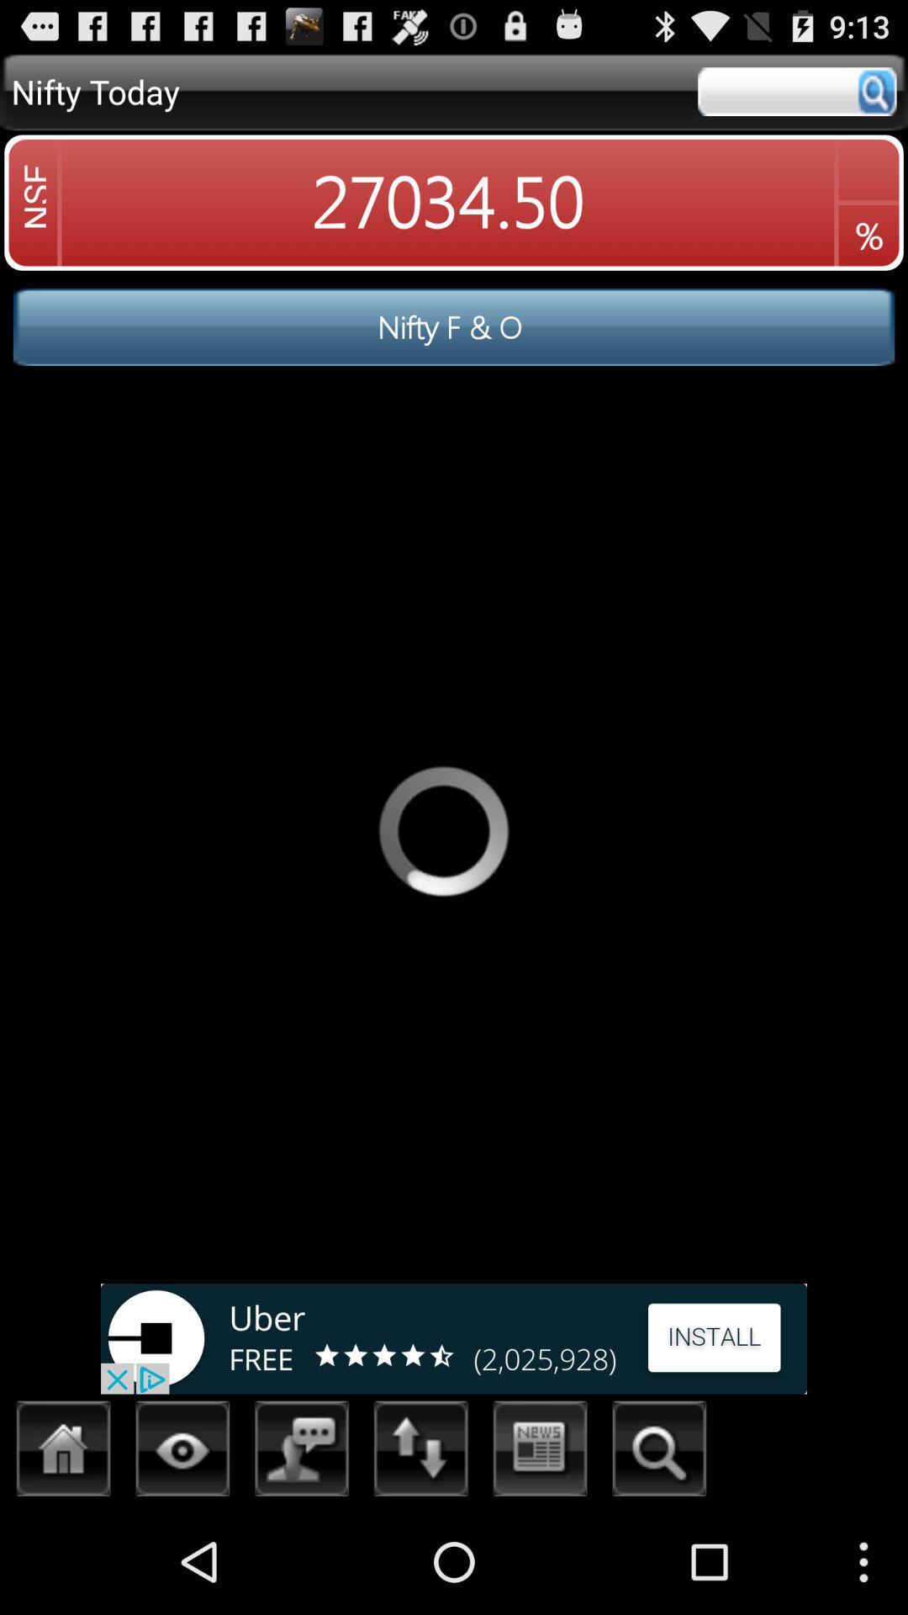 Image resolution: width=908 pixels, height=1615 pixels. I want to click on reorder list, so click(420, 1453).